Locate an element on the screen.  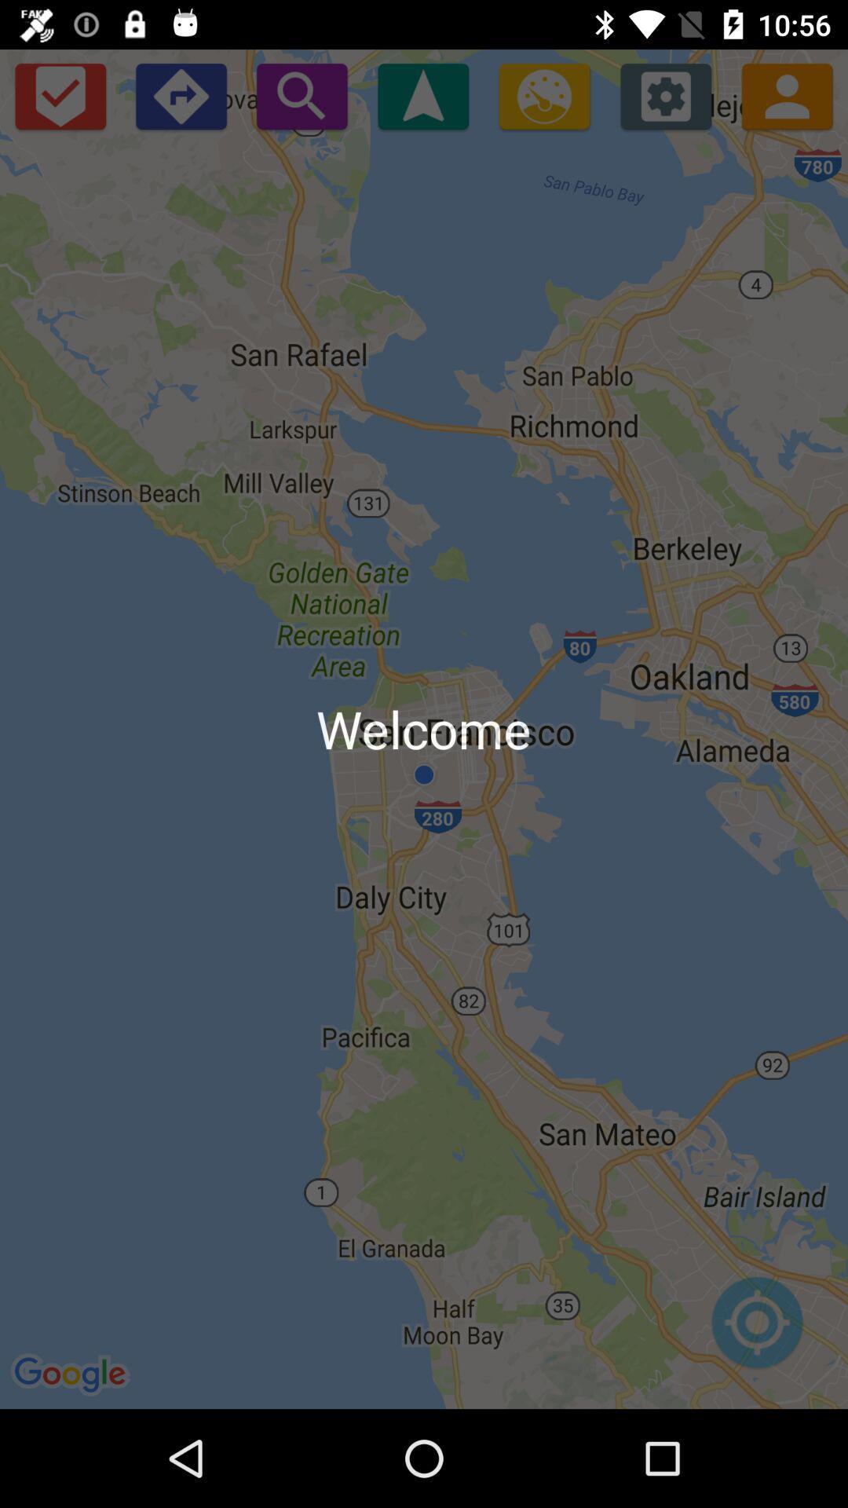
search app is located at coordinates (302, 95).